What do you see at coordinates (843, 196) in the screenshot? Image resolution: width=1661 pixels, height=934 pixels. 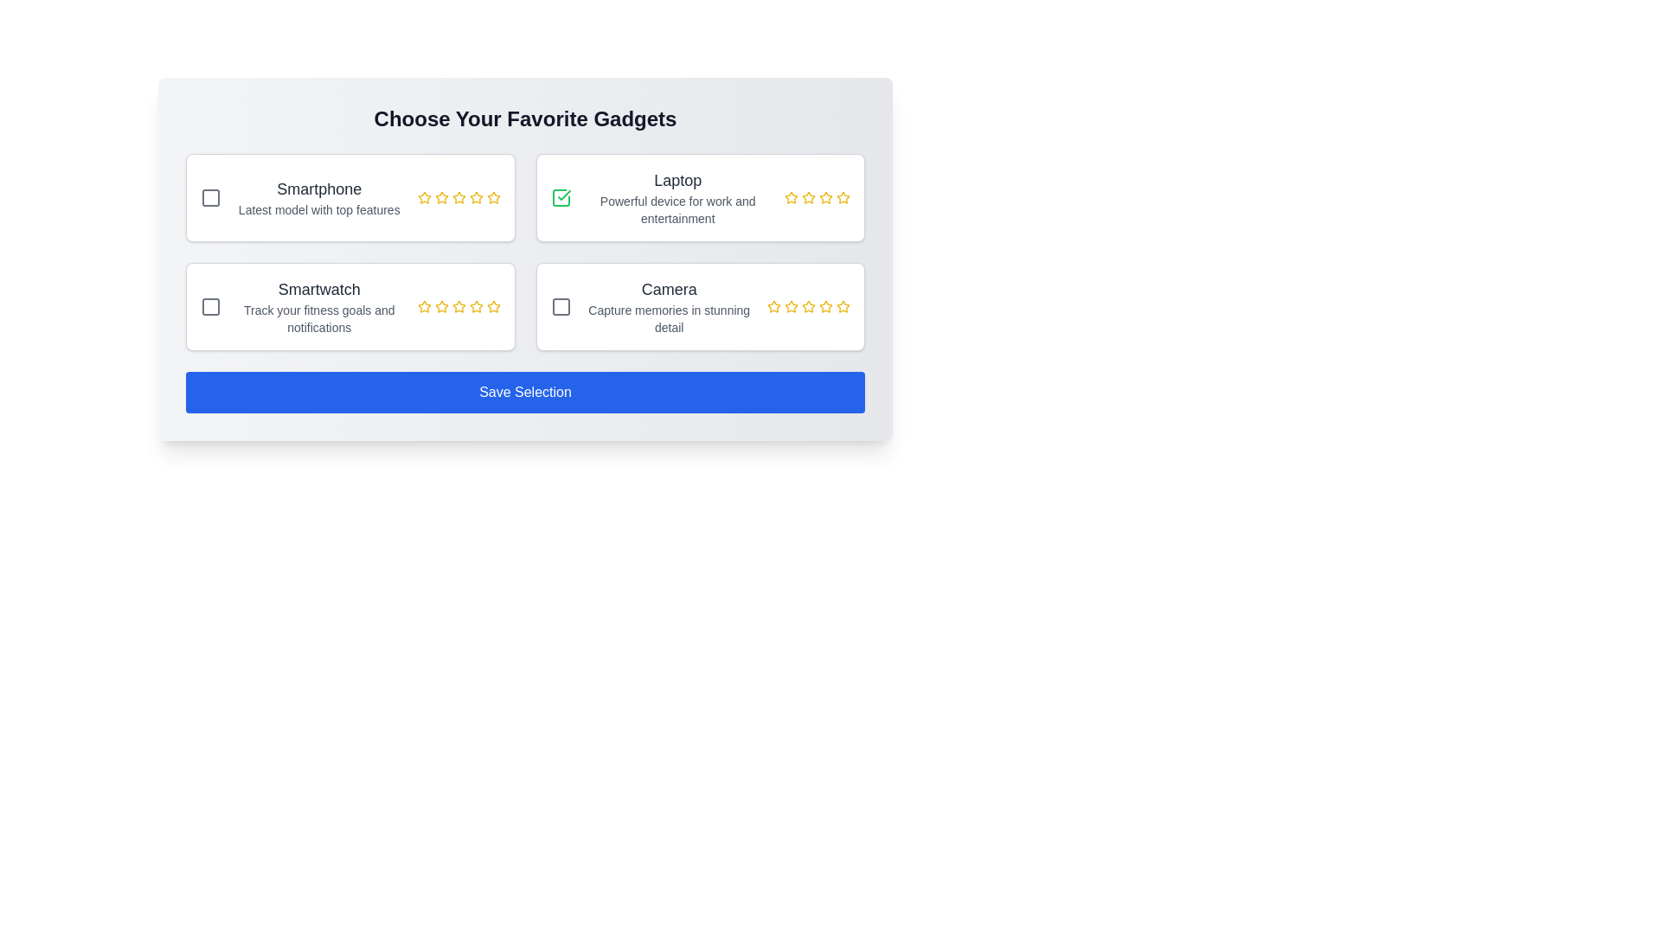 I see `the sixth yellow star-shaped SVG icon located under the 'Laptop' section` at bounding box center [843, 196].